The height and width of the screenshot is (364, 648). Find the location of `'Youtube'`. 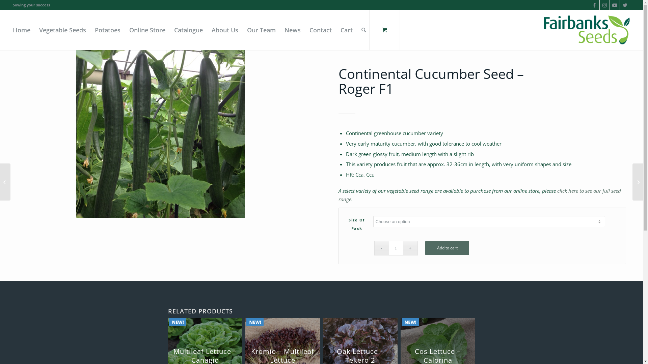

'Youtube' is located at coordinates (615, 5).